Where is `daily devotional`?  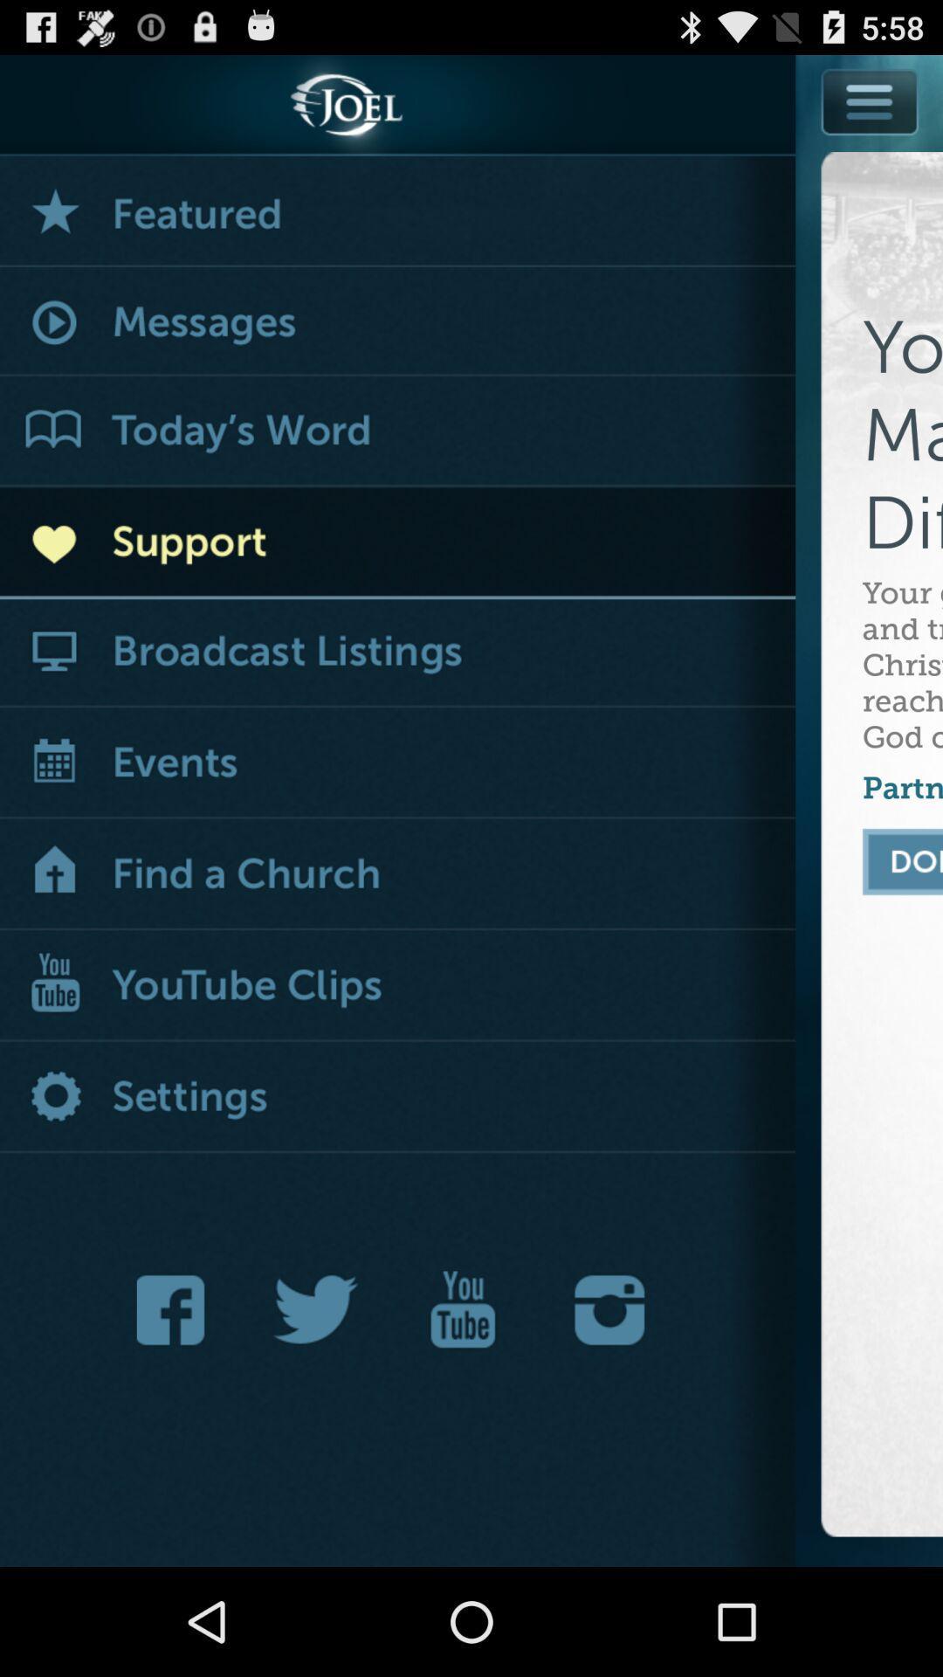 daily devotional is located at coordinates (397, 431).